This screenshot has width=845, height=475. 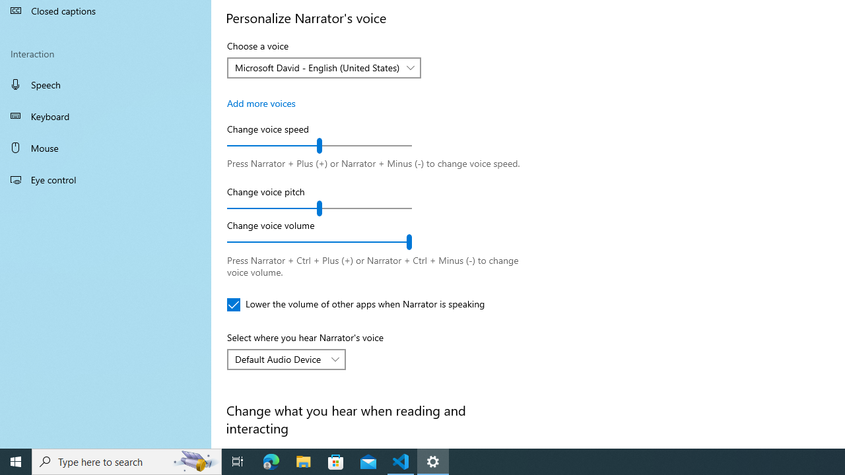 What do you see at coordinates (356, 304) in the screenshot?
I see `'Lower the volume of other apps when Narrator is speaking'` at bounding box center [356, 304].